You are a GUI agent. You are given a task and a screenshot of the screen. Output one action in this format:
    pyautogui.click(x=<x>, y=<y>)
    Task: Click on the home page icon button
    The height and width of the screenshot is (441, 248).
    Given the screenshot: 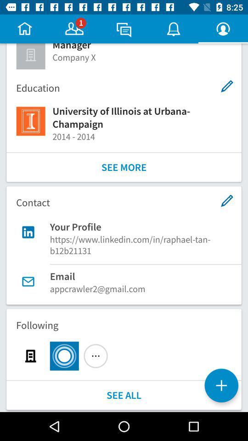 What is the action you would take?
    pyautogui.click(x=25, y=28)
    